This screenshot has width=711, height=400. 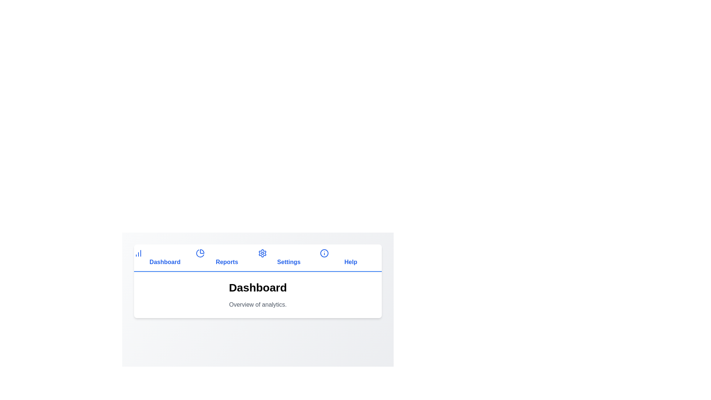 I want to click on the 'Settings' Icon in the navigation bar, so click(x=262, y=253).